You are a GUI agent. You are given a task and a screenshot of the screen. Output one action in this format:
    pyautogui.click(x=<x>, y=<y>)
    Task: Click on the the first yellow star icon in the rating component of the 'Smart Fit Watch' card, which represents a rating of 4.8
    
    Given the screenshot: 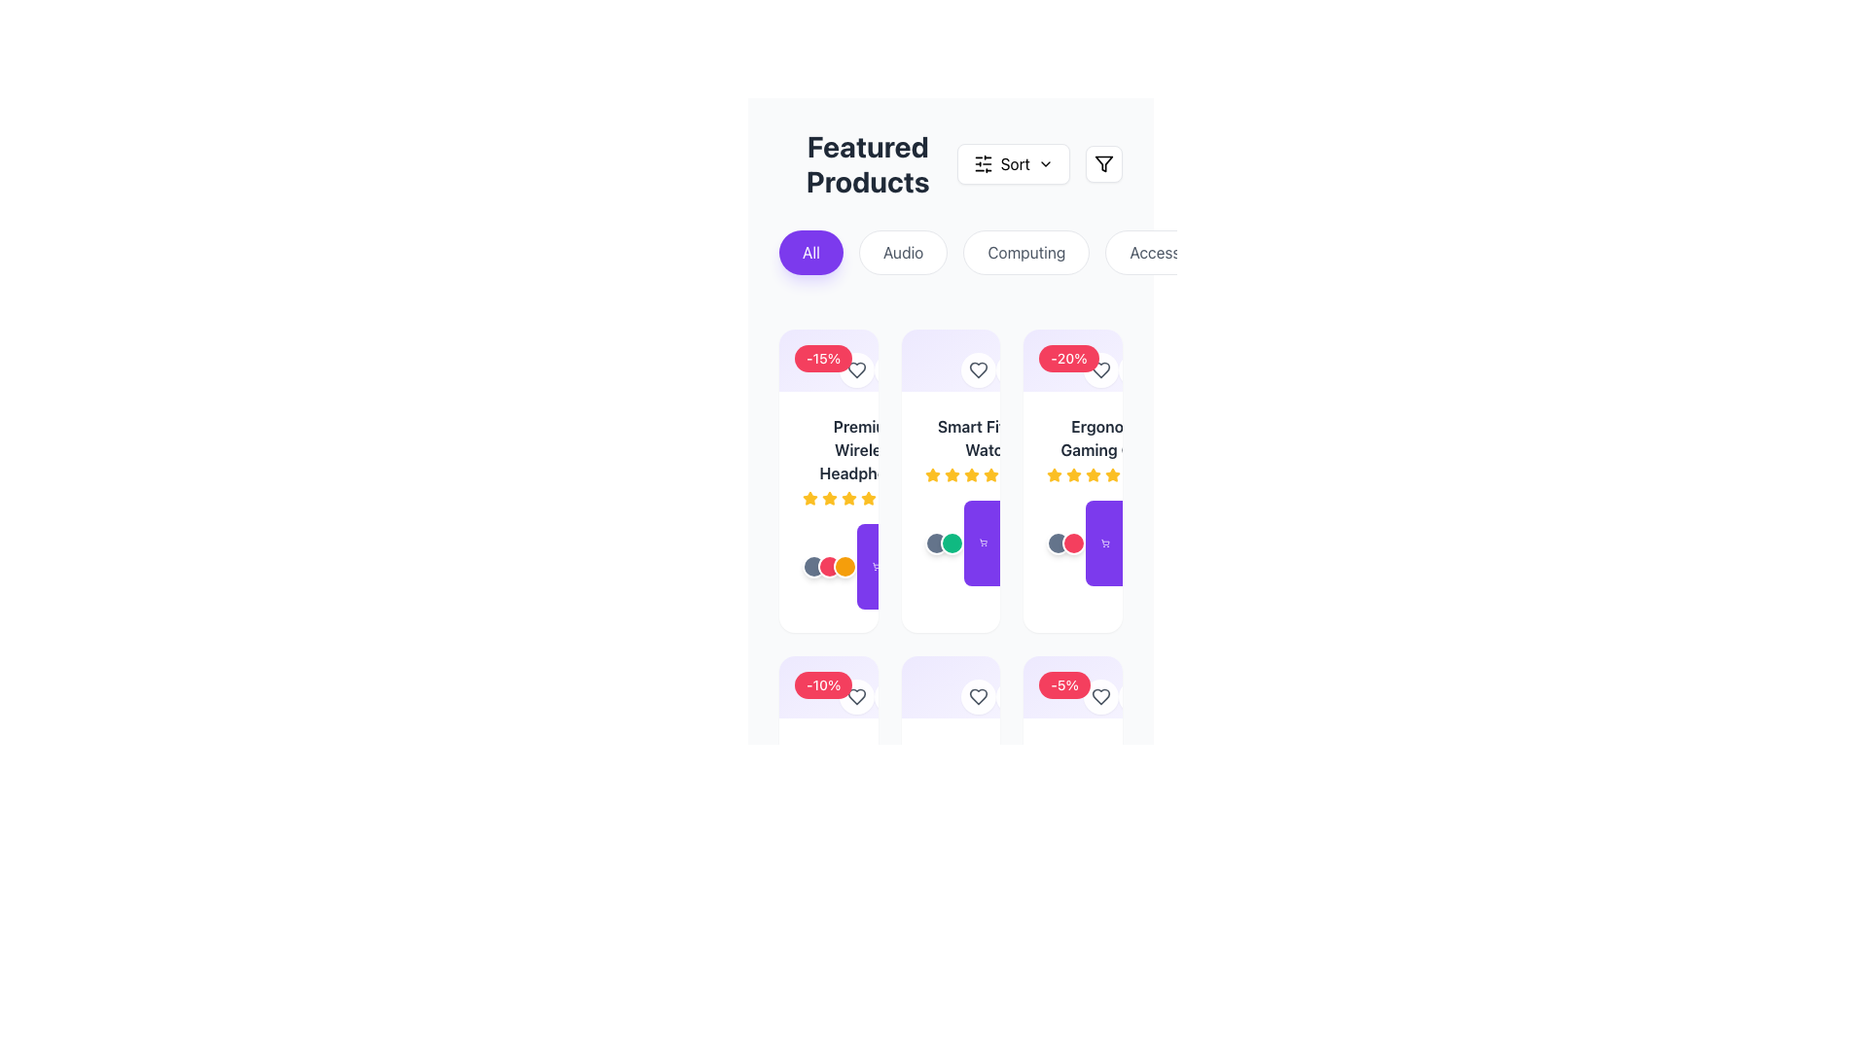 What is the action you would take?
    pyautogui.click(x=931, y=475)
    